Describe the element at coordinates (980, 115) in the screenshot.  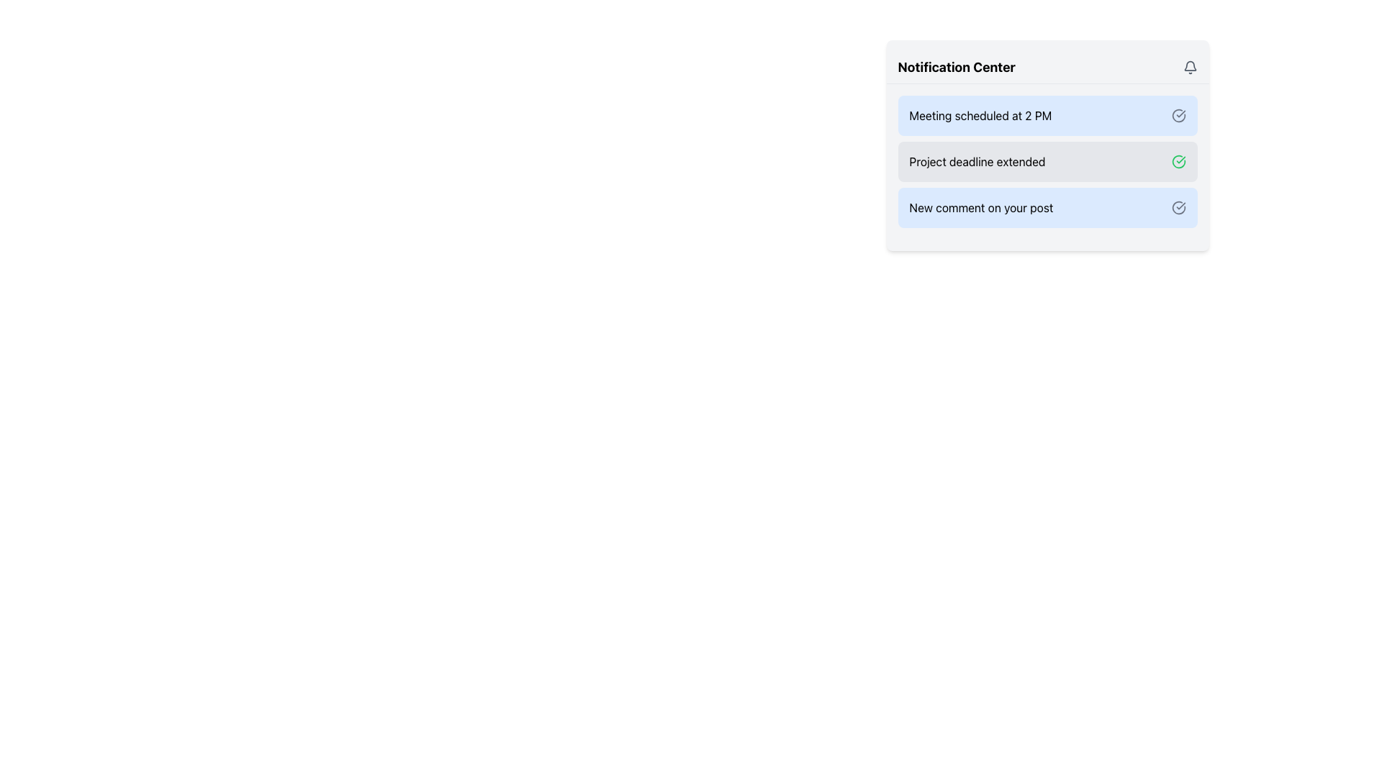
I see `the static informational label indicating an upcoming meeting scheduled at 2 PM within the Notification Center` at that location.